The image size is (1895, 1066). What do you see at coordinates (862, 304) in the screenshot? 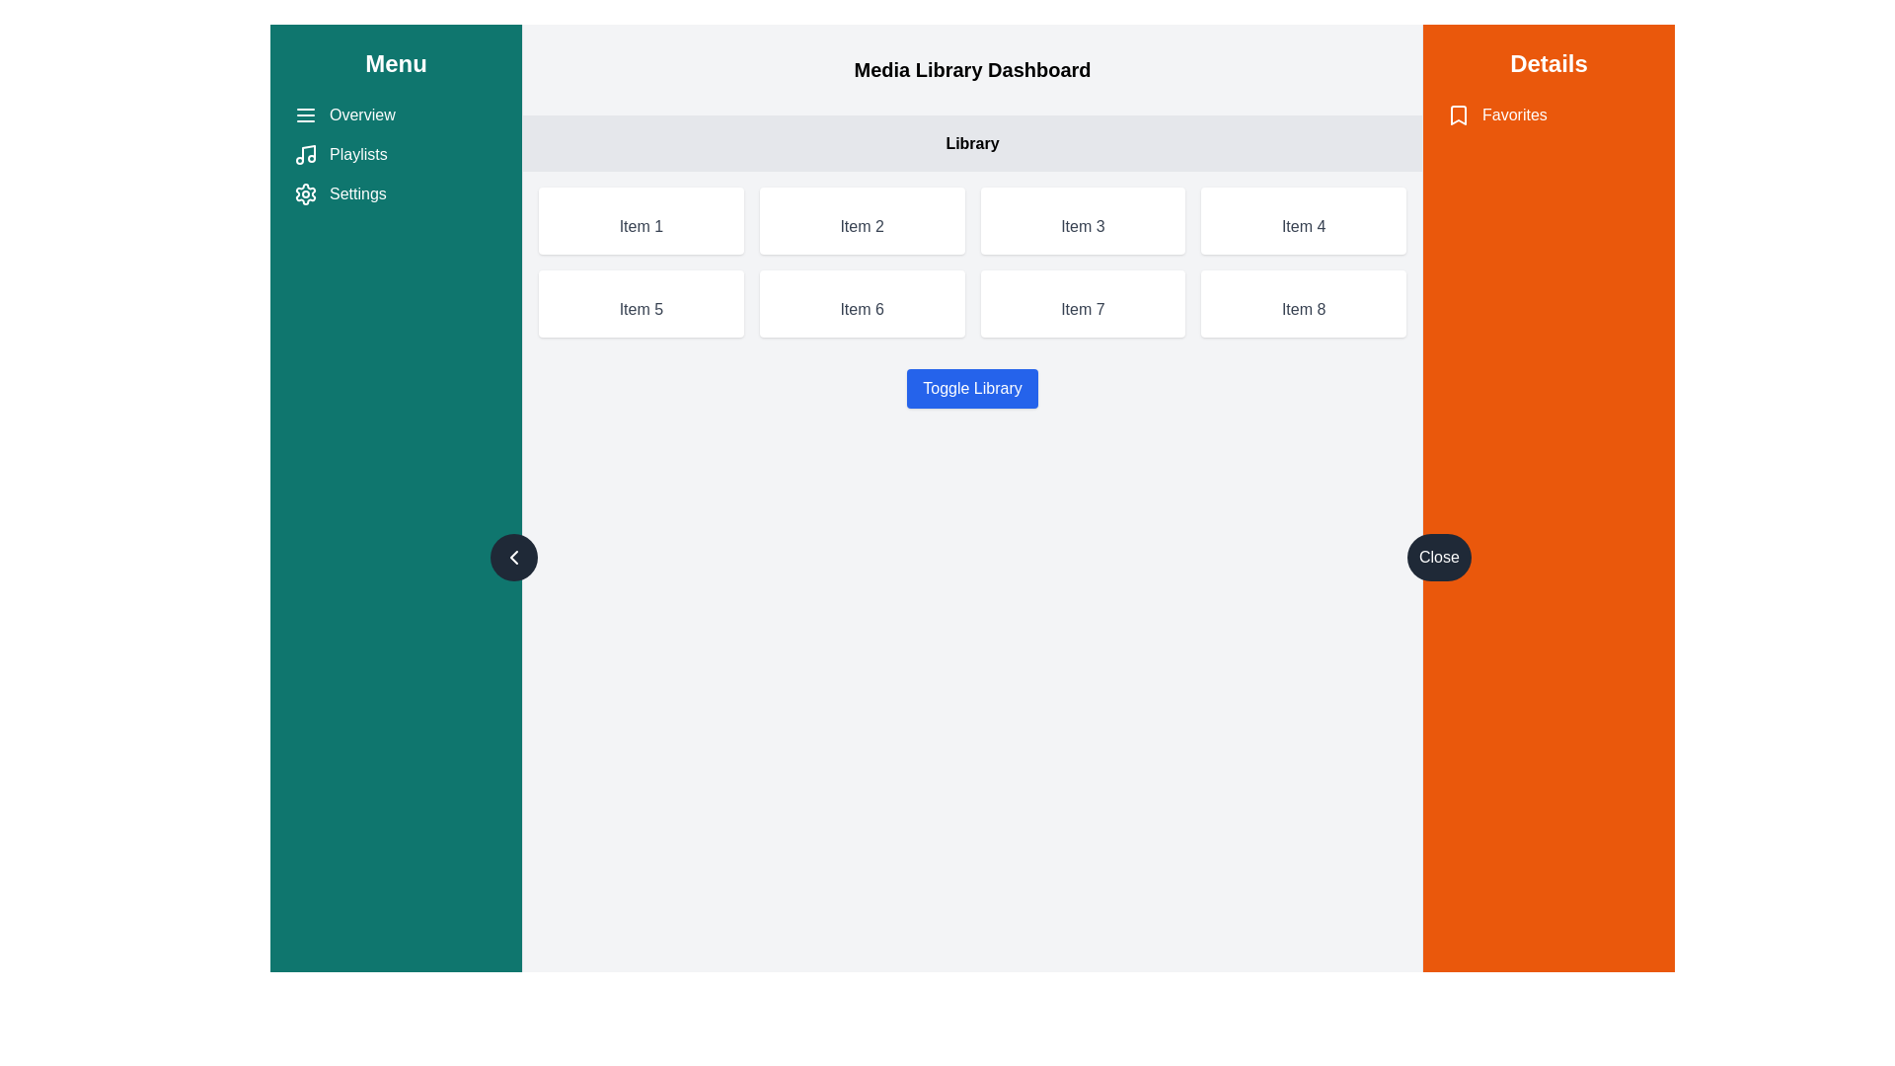
I see `the item button located in the second row and second column of the library dashboard grid` at bounding box center [862, 304].